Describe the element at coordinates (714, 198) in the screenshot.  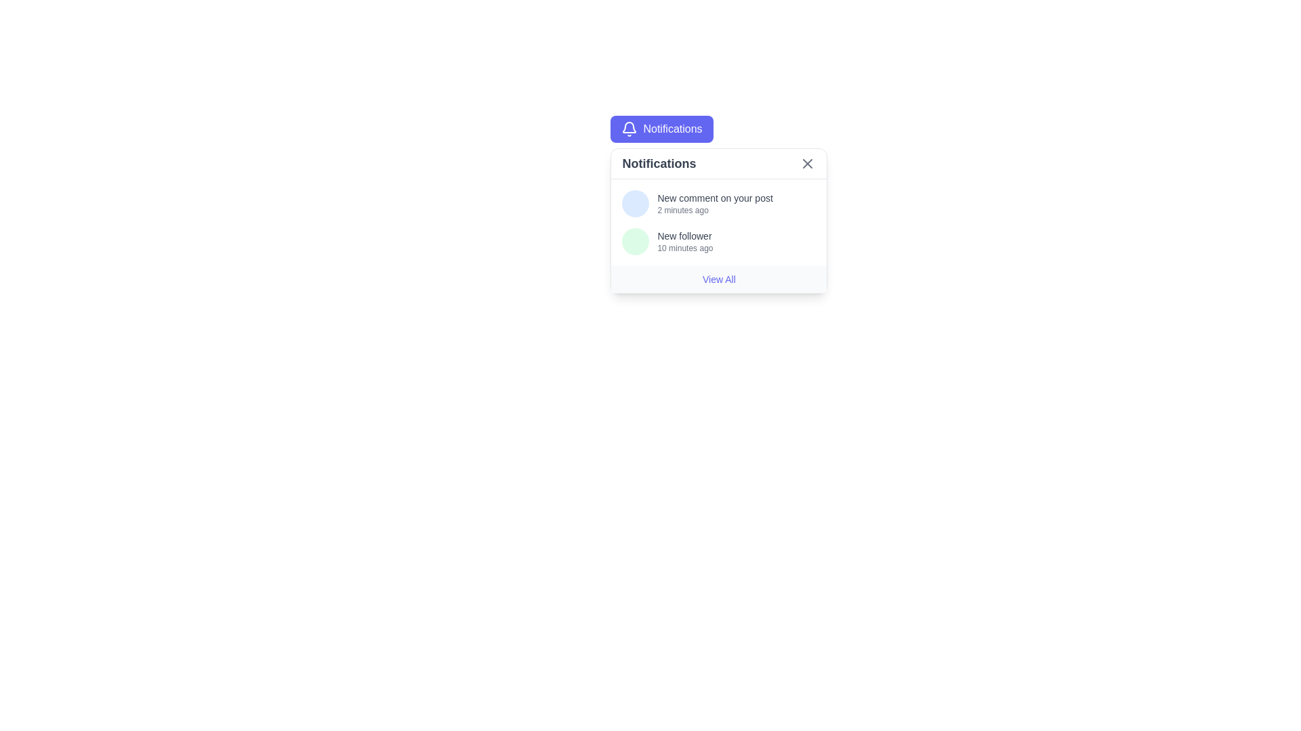
I see `the static text displaying 'New comment on your post' located at the top-left corner of the notification card within the dropdown list of notifications` at that location.